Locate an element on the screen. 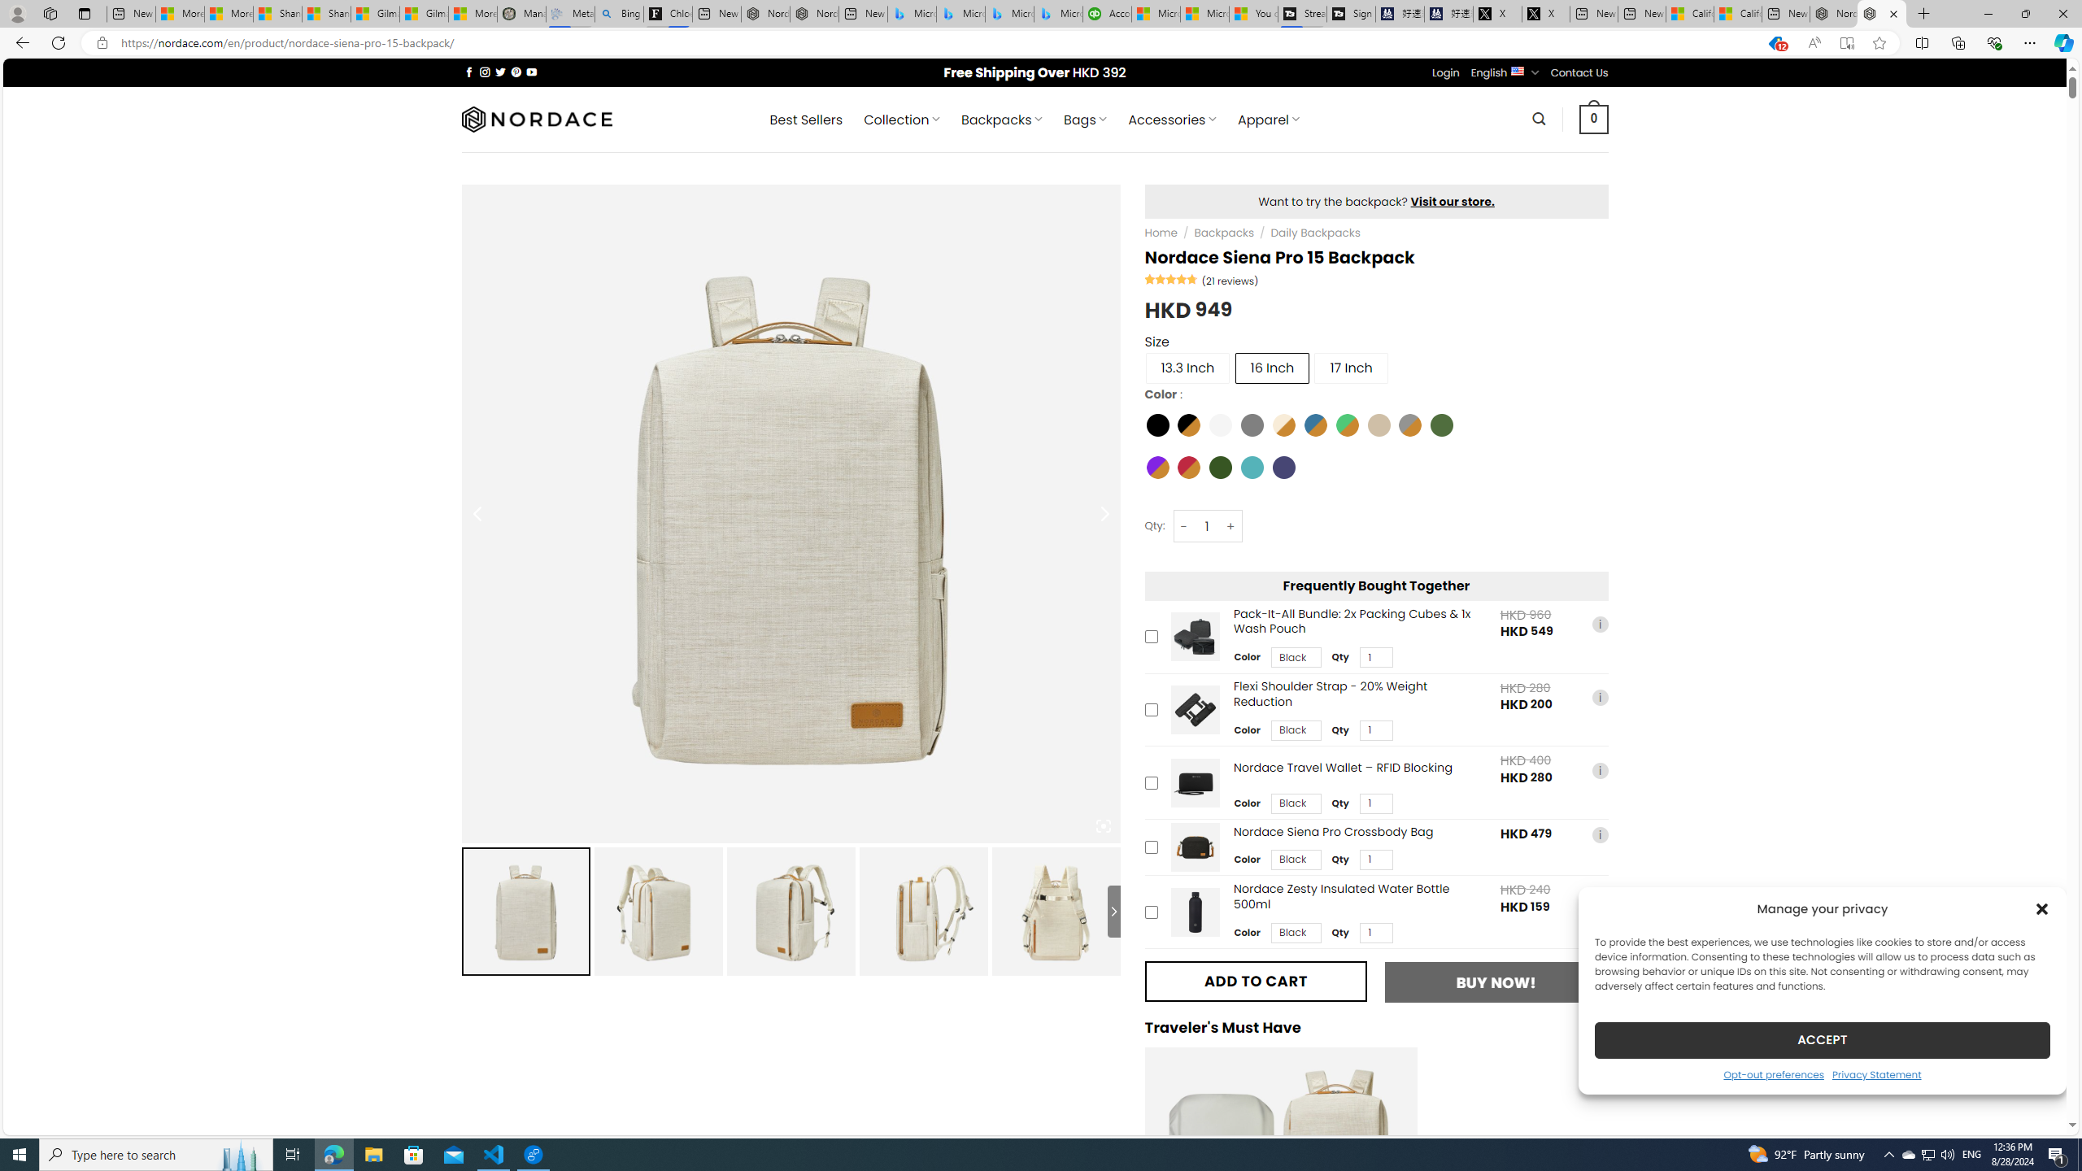  '(21 reviews)' is located at coordinates (1230, 280).